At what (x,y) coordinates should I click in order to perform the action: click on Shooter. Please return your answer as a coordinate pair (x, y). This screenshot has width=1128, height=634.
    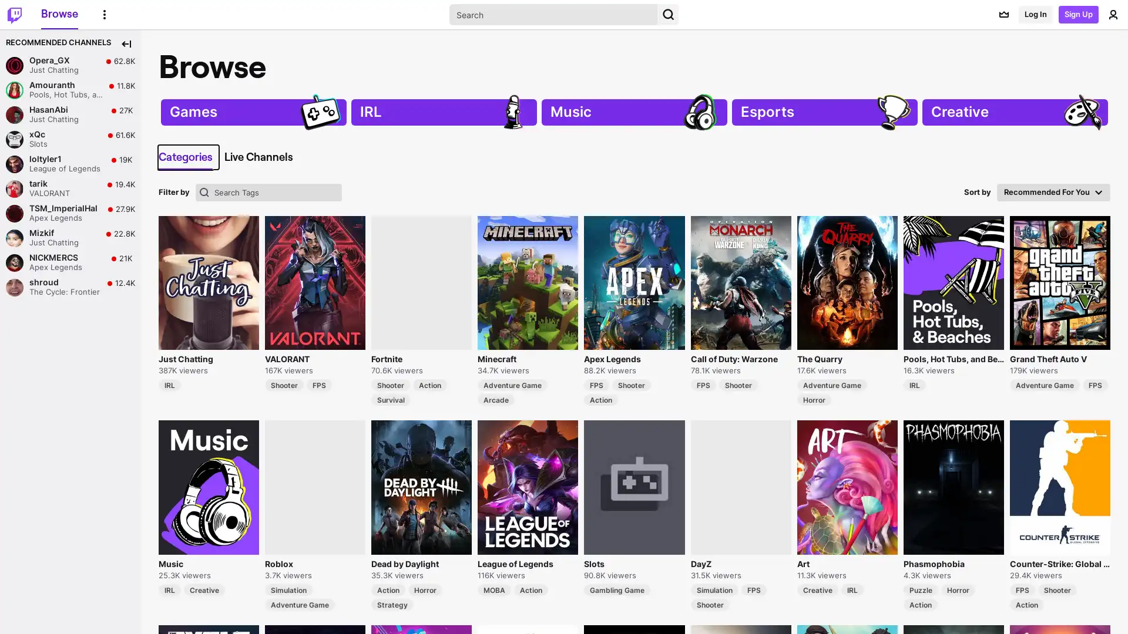
    Looking at the image, I should click on (631, 385).